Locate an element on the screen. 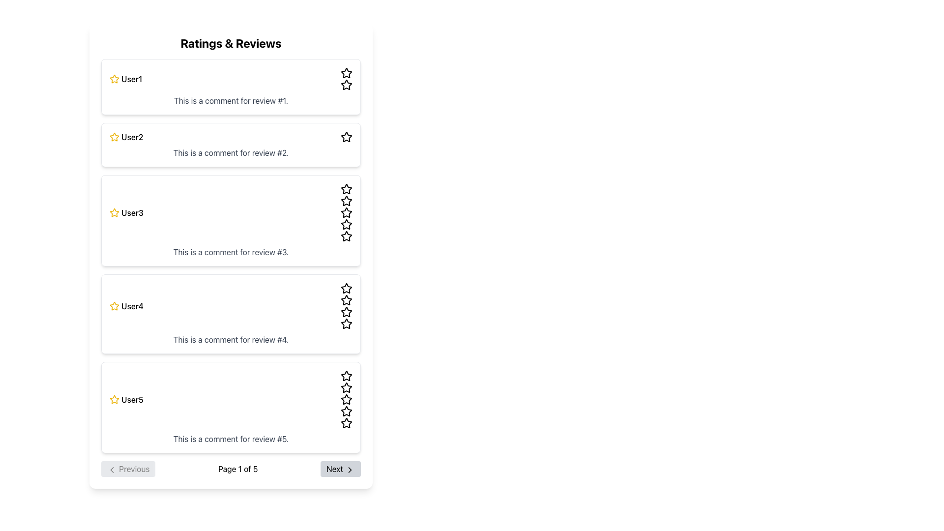 The image size is (944, 531). the fifth rating star icon located to the right of the 'User5' block is located at coordinates (347, 400).